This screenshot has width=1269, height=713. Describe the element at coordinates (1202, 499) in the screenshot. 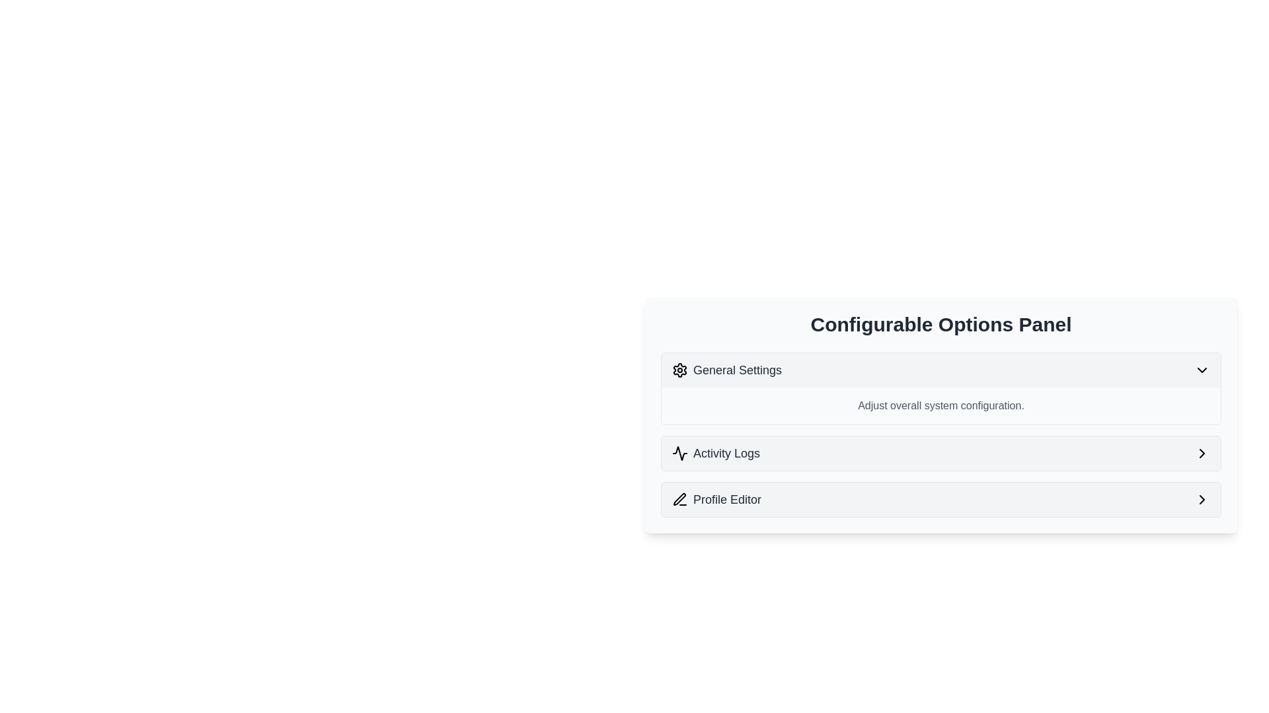

I see `the chevron icon pointing to the right, located at the right end of the 'Profile Editor' option row under the 'Configurable Options Panel'` at that location.